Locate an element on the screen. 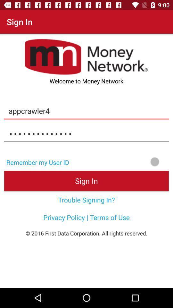  the appcrawler4 icon is located at coordinates (86, 111).